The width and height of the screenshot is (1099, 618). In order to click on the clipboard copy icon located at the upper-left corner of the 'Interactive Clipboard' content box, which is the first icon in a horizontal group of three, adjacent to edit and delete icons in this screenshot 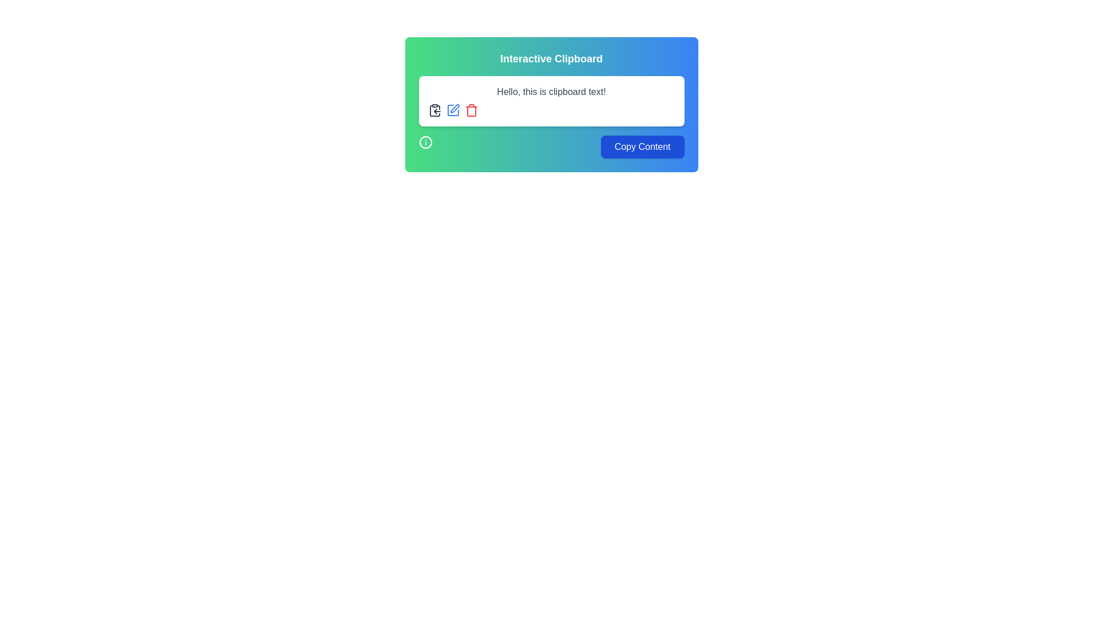, I will do `click(434, 110)`.